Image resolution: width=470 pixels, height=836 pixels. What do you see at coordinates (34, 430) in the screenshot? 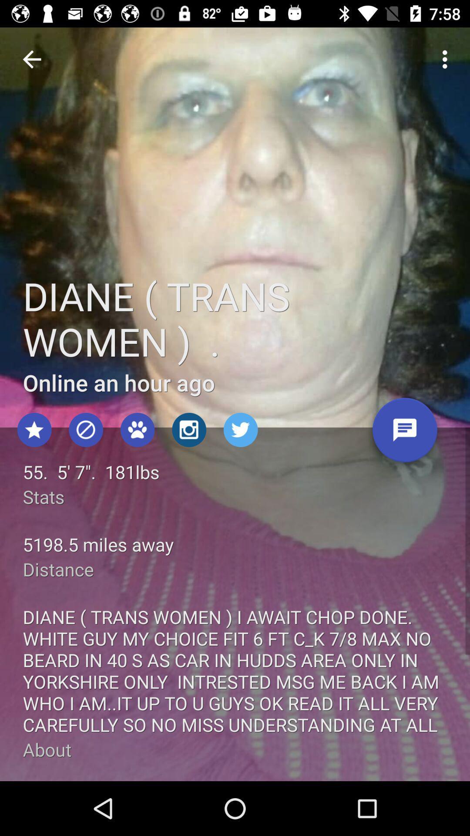
I see `the star icon` at bounding box center [34, 430].